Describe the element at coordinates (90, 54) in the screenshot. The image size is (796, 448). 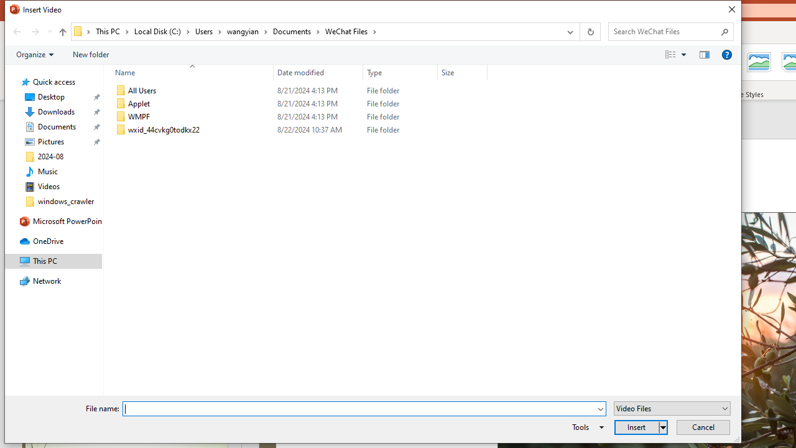
I see `'New folder'` at that location.